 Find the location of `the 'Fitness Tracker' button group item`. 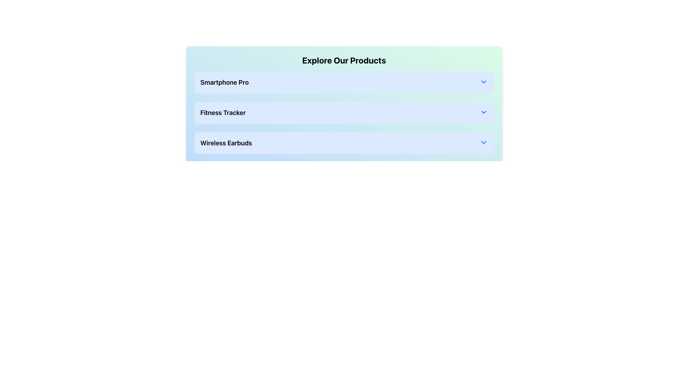

the 'Fitness Tracker' button group item is located at coordinates (344, 109).